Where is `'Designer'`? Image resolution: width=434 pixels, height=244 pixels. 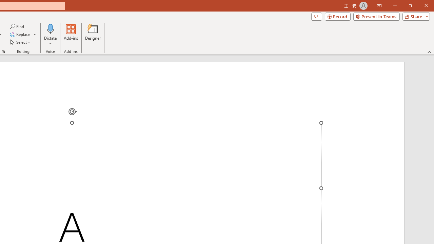 'Designer' is located at coordinates (93, 35).